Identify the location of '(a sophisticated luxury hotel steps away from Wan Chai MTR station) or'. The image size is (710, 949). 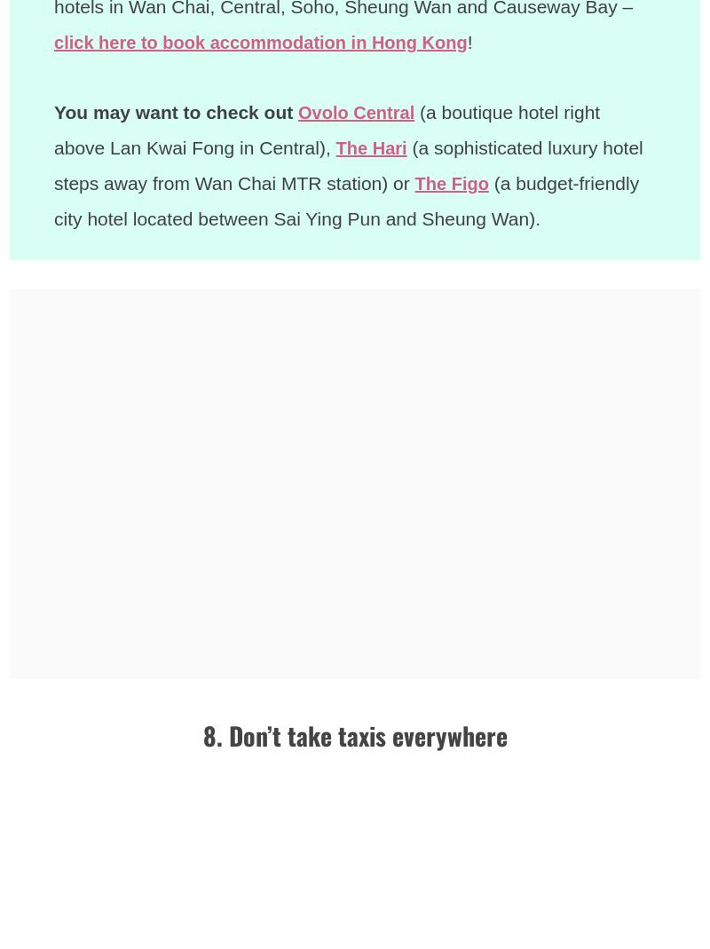
(349, 165).